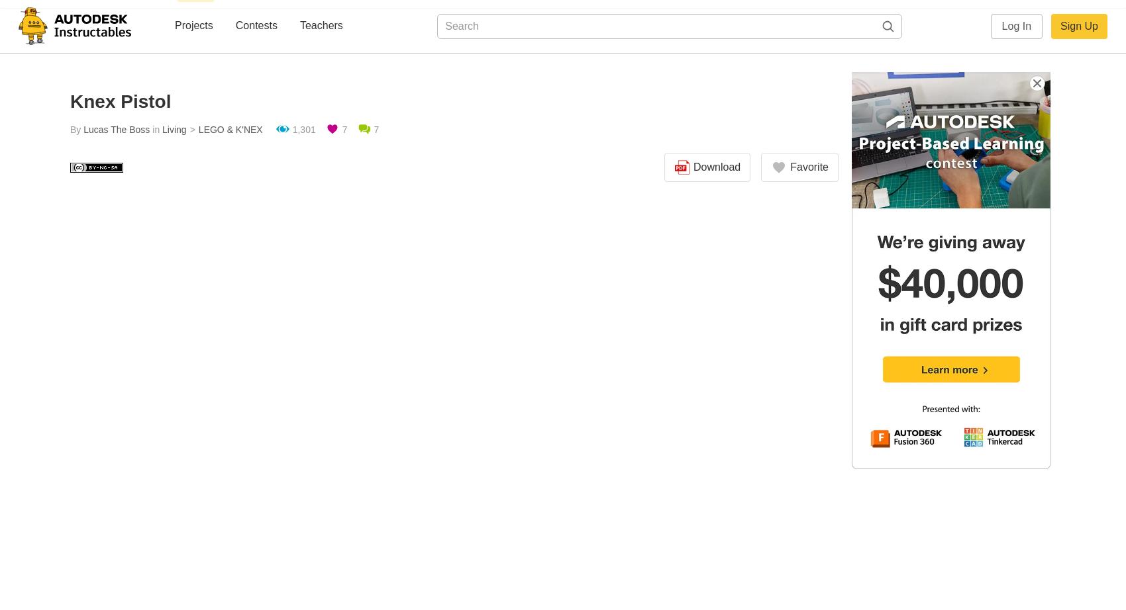 Image resolution: width=1126 pixels, height=610 pixels. Describe the element at coordinates (156, 130) in the screenshot. I see `'in'` at that location.